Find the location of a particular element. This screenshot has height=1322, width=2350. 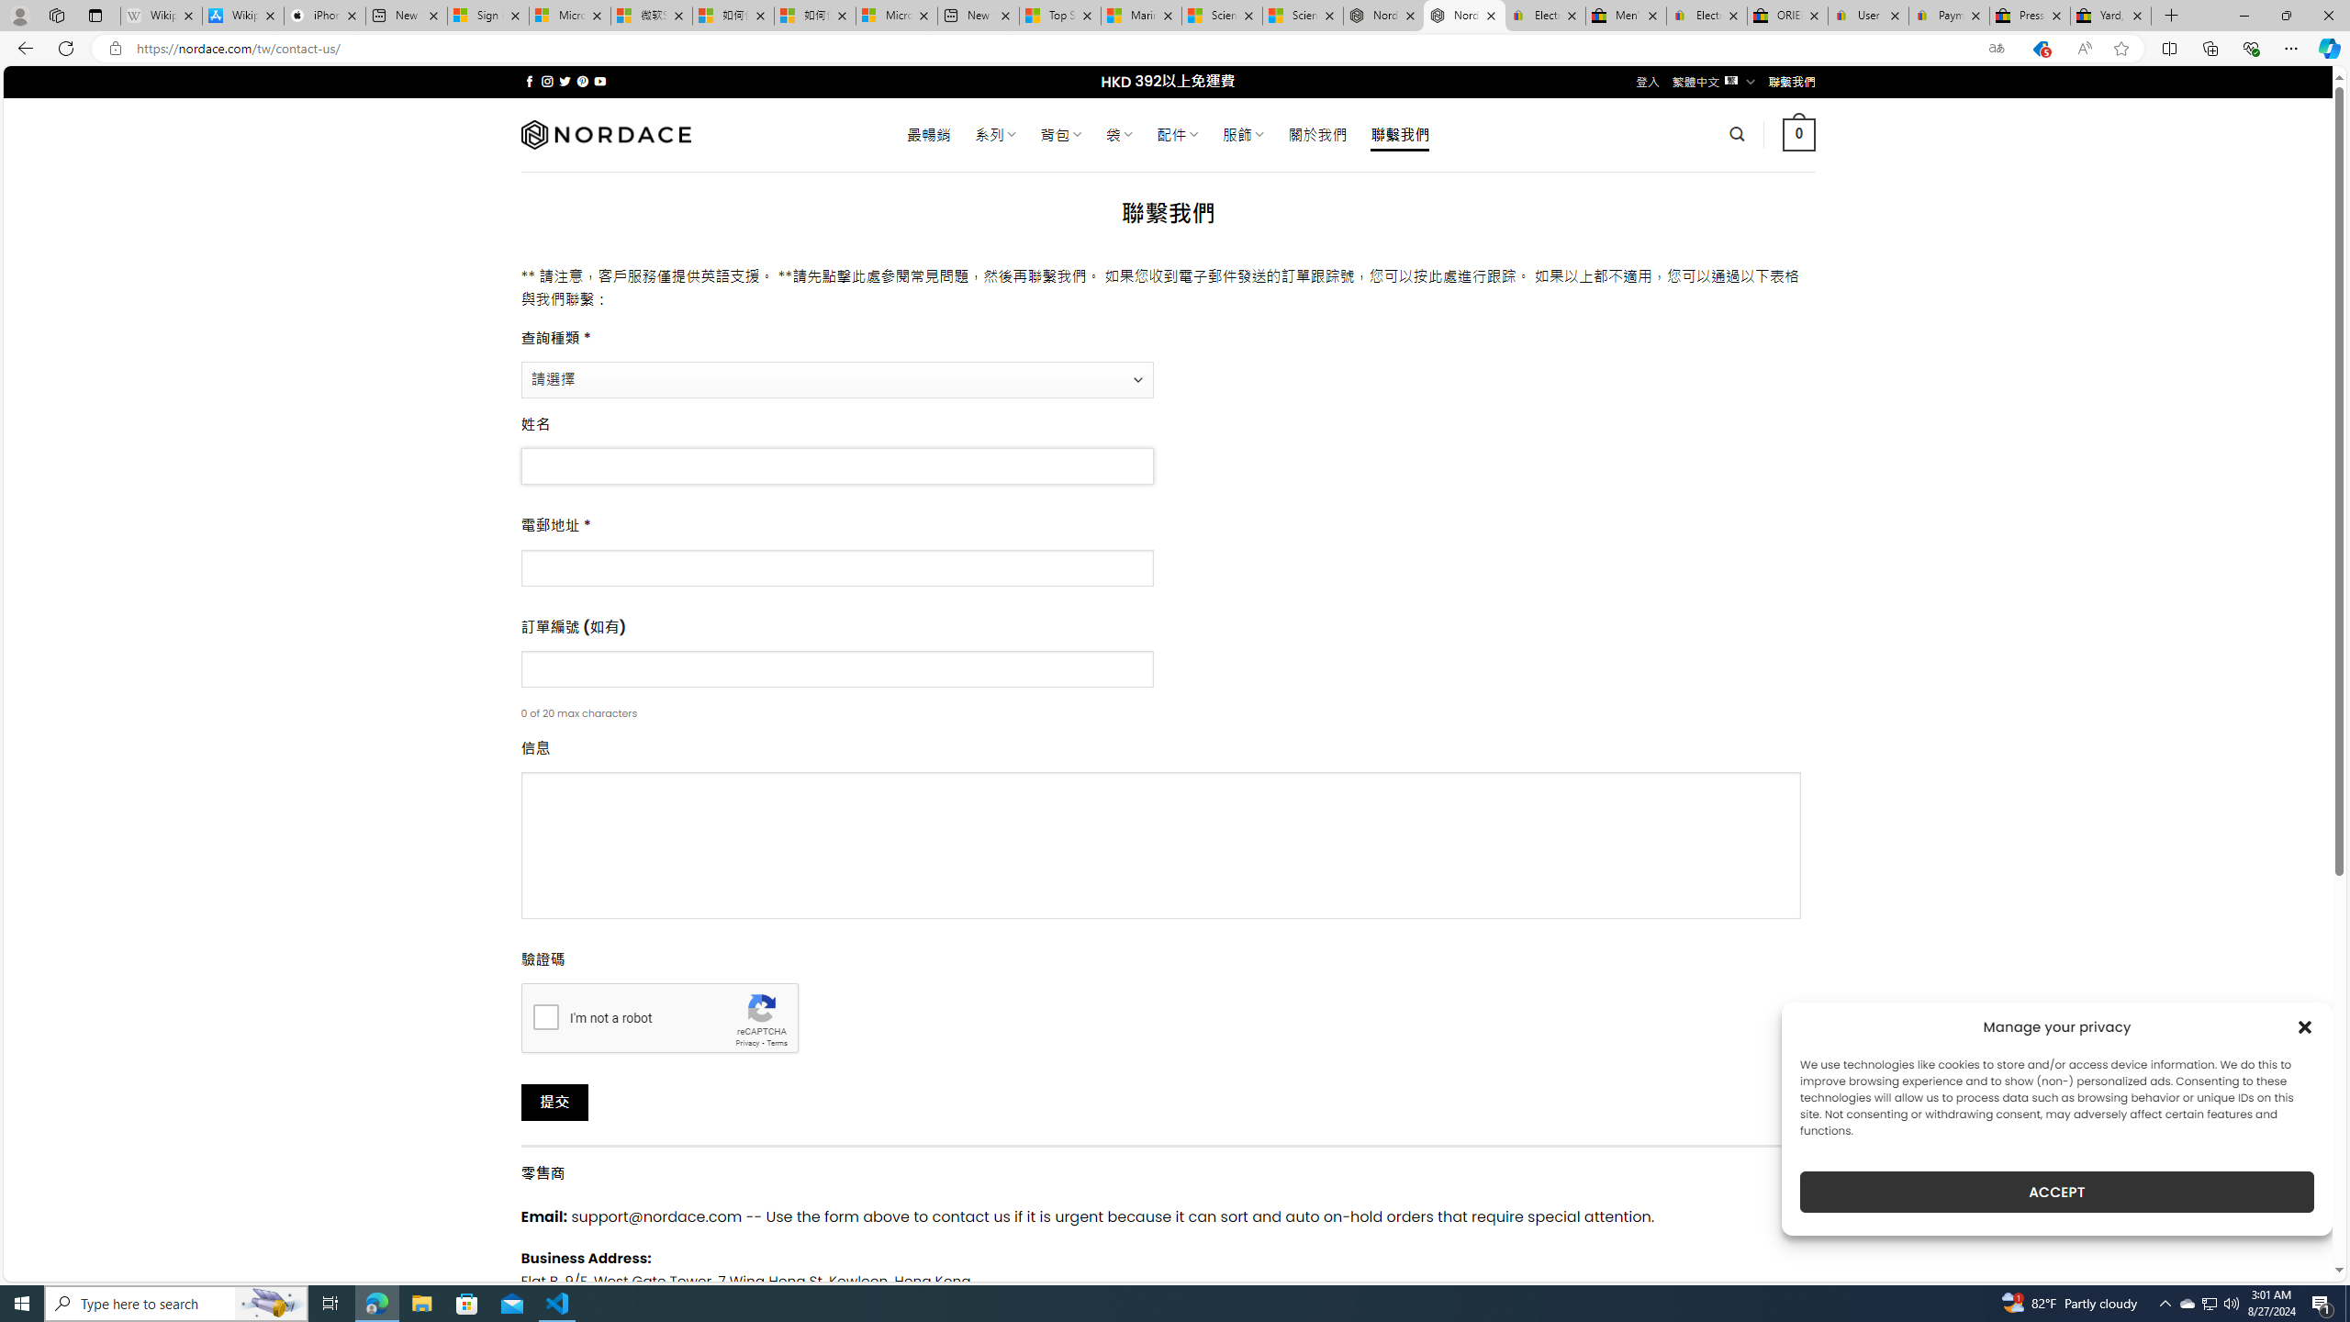

'Payments Terms of Use | eBay.com' is located at coordinates (1949, 15).